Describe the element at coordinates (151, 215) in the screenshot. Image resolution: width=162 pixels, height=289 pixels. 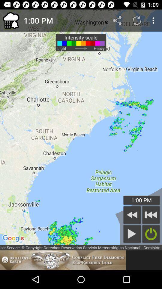
I see `previous` at that location.